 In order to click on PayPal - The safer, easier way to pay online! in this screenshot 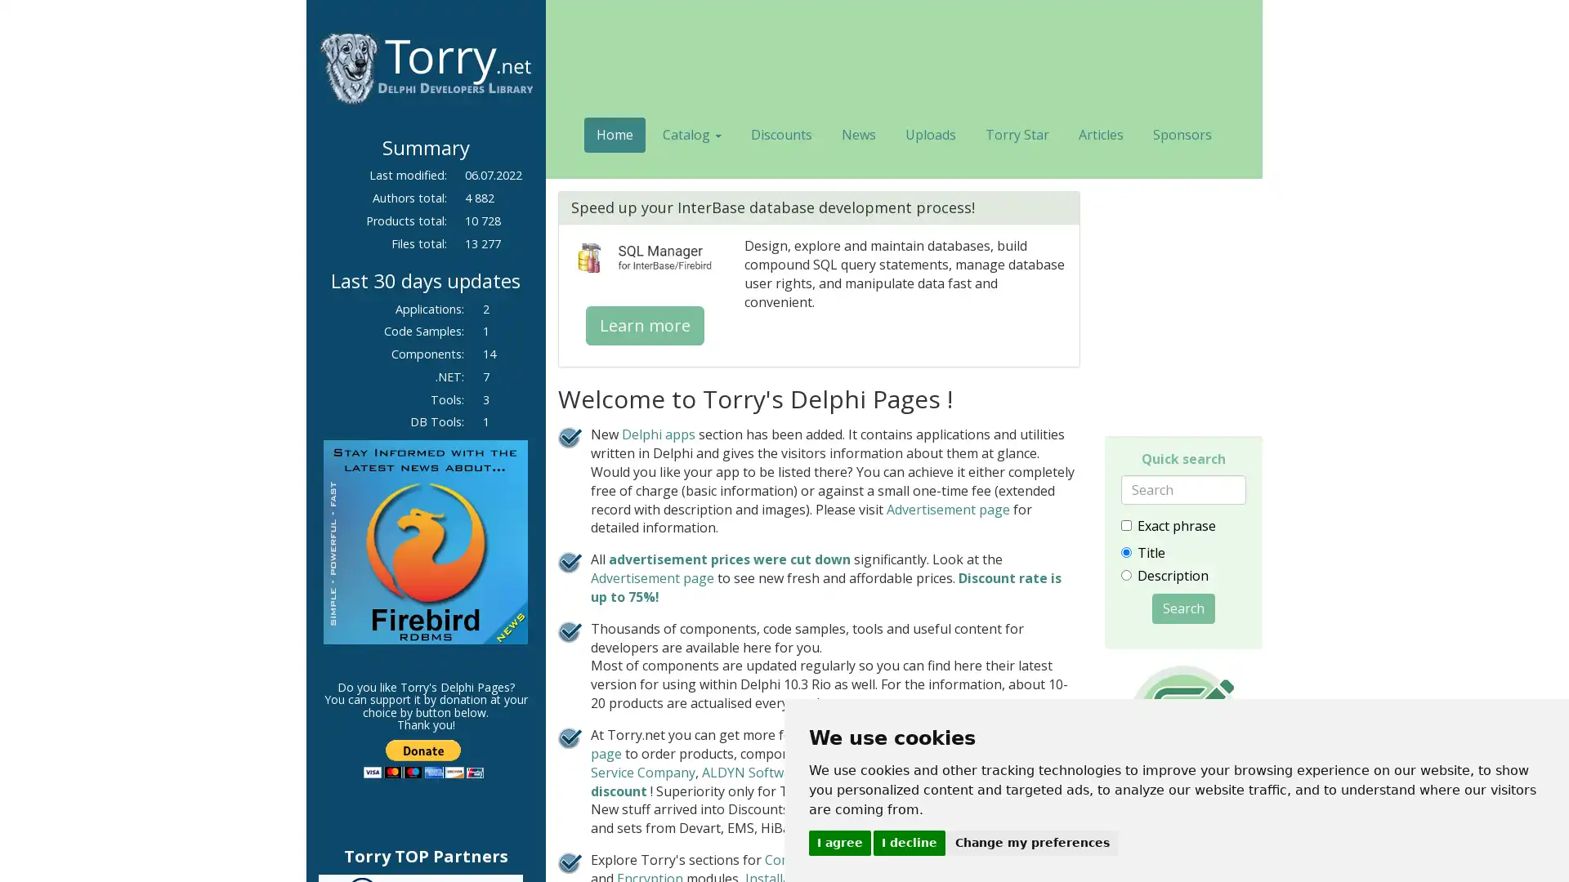, I will do `click(423, 759)`.